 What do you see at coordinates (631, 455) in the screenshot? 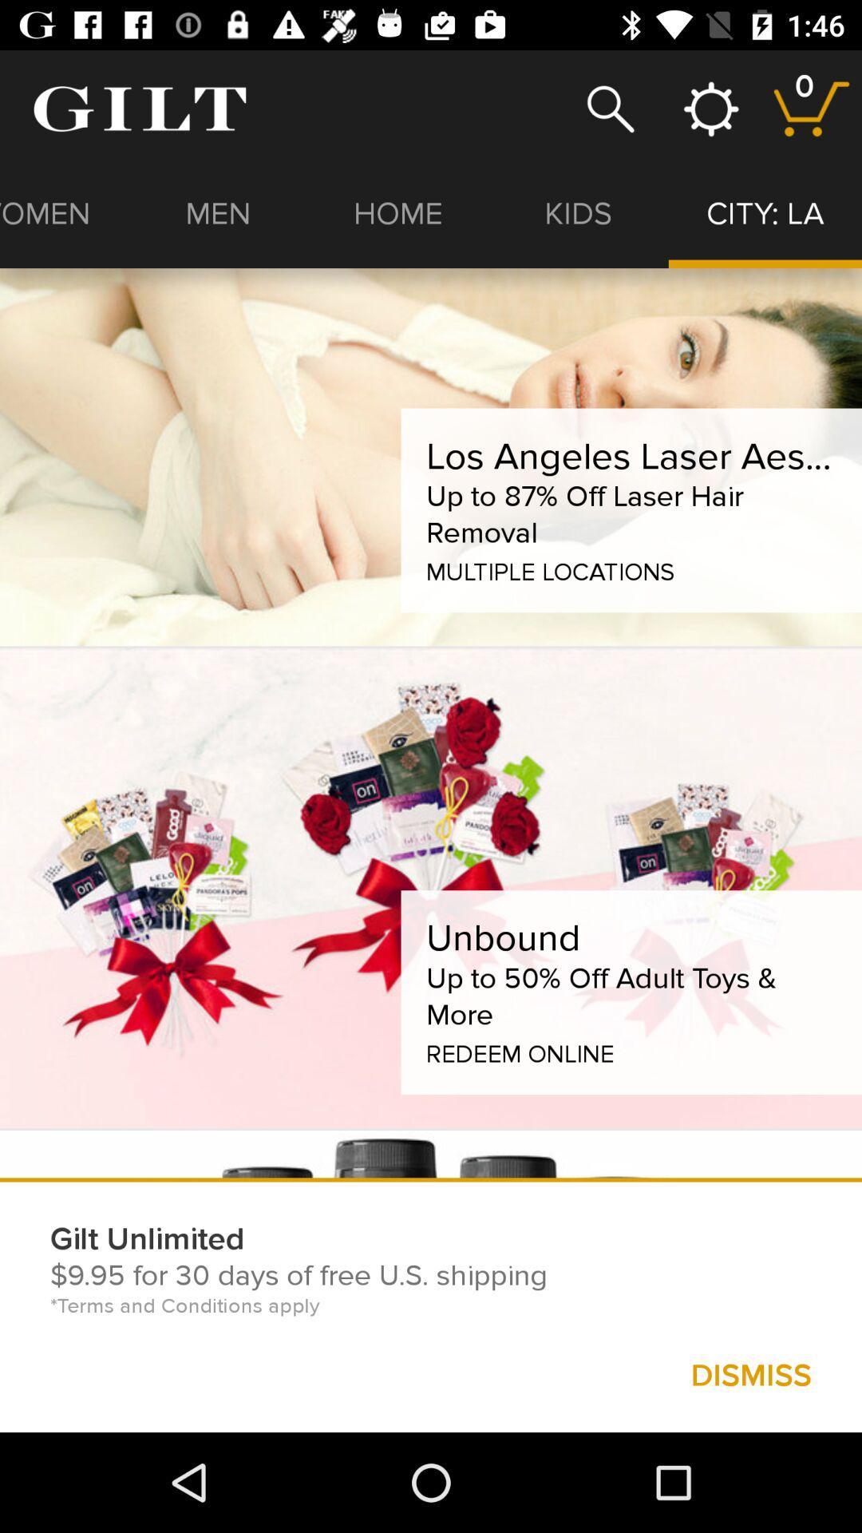
I see `los angeles laser icon` at bounding box center [631, 455].